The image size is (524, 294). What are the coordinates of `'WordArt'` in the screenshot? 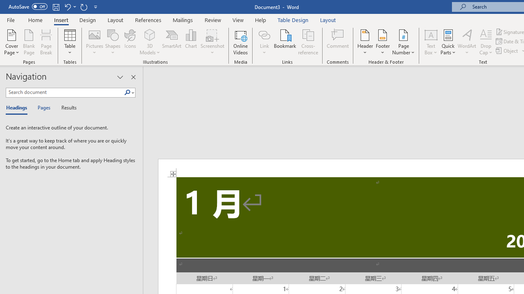 It's located at (467, 42).